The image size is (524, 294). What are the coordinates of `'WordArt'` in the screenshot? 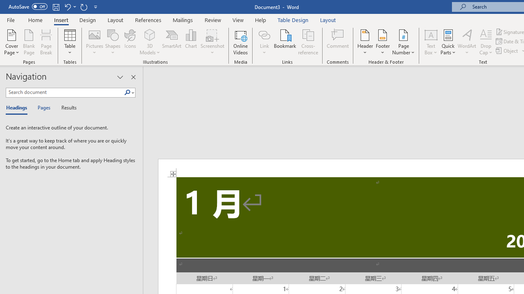 It's located at (467, 42).